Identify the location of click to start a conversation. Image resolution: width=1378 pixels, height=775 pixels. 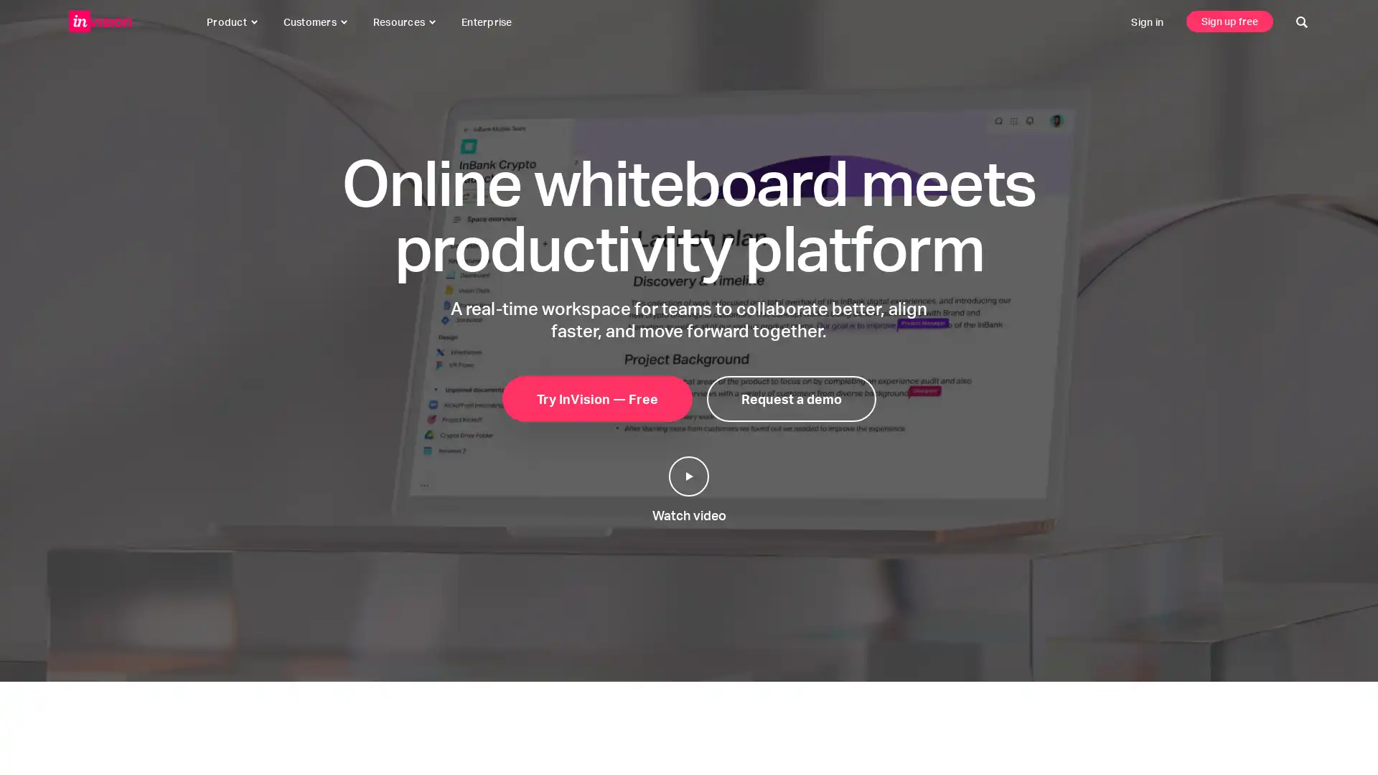
(1332, 731).